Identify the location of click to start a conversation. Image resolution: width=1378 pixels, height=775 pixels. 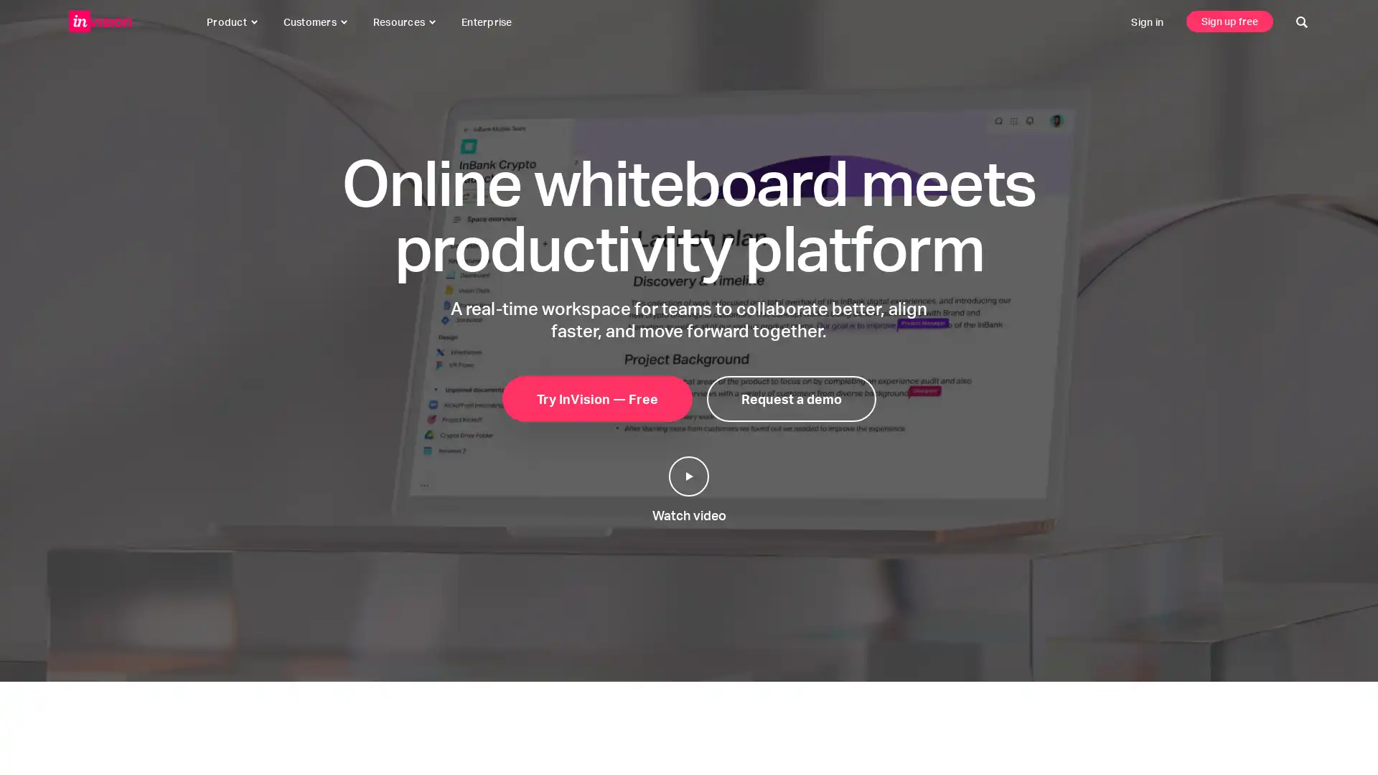
(1332, 731).